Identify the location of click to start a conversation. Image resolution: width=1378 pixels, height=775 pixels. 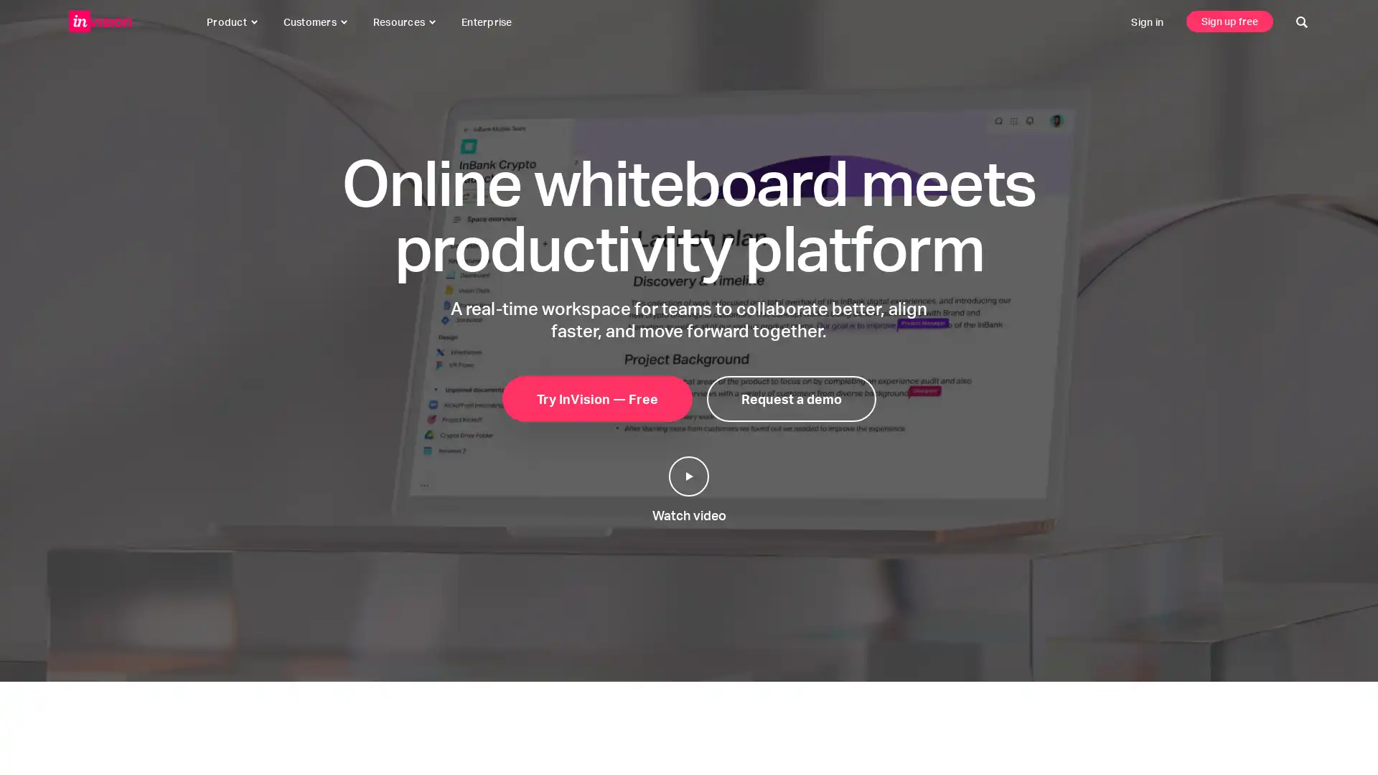
(1332, 731).